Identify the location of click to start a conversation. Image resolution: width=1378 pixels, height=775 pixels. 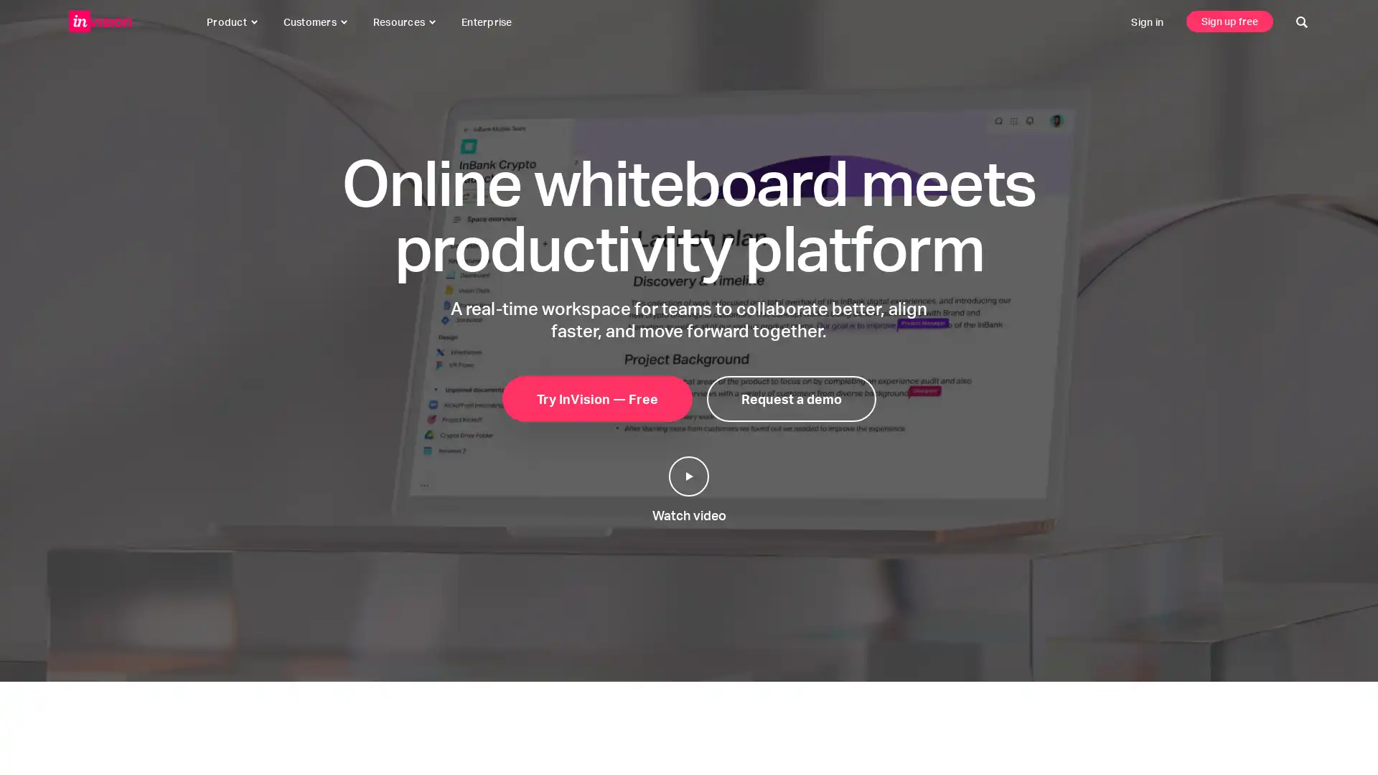
(1332, 731).